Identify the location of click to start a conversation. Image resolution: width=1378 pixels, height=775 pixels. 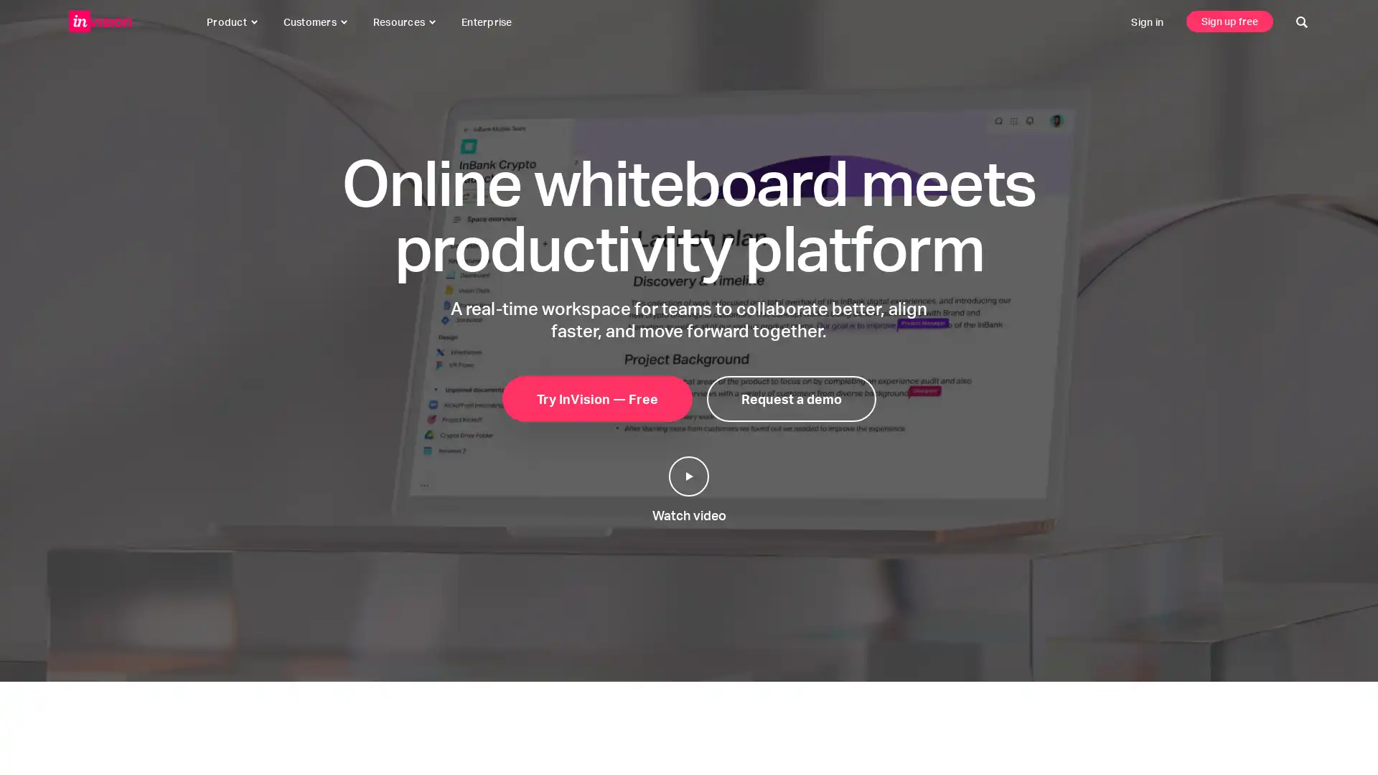
(1332, 731).